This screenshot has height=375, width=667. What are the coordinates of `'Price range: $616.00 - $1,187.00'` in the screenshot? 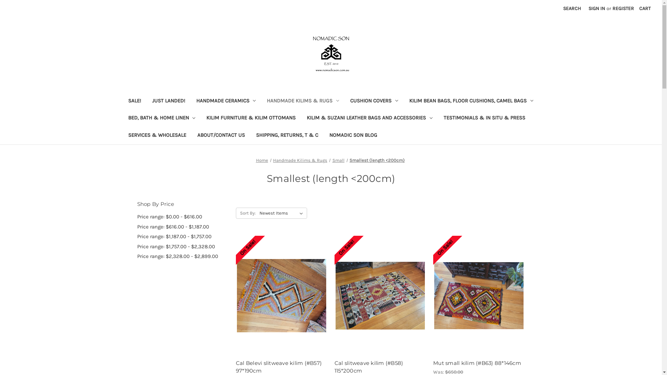 It's located at (182, 227).